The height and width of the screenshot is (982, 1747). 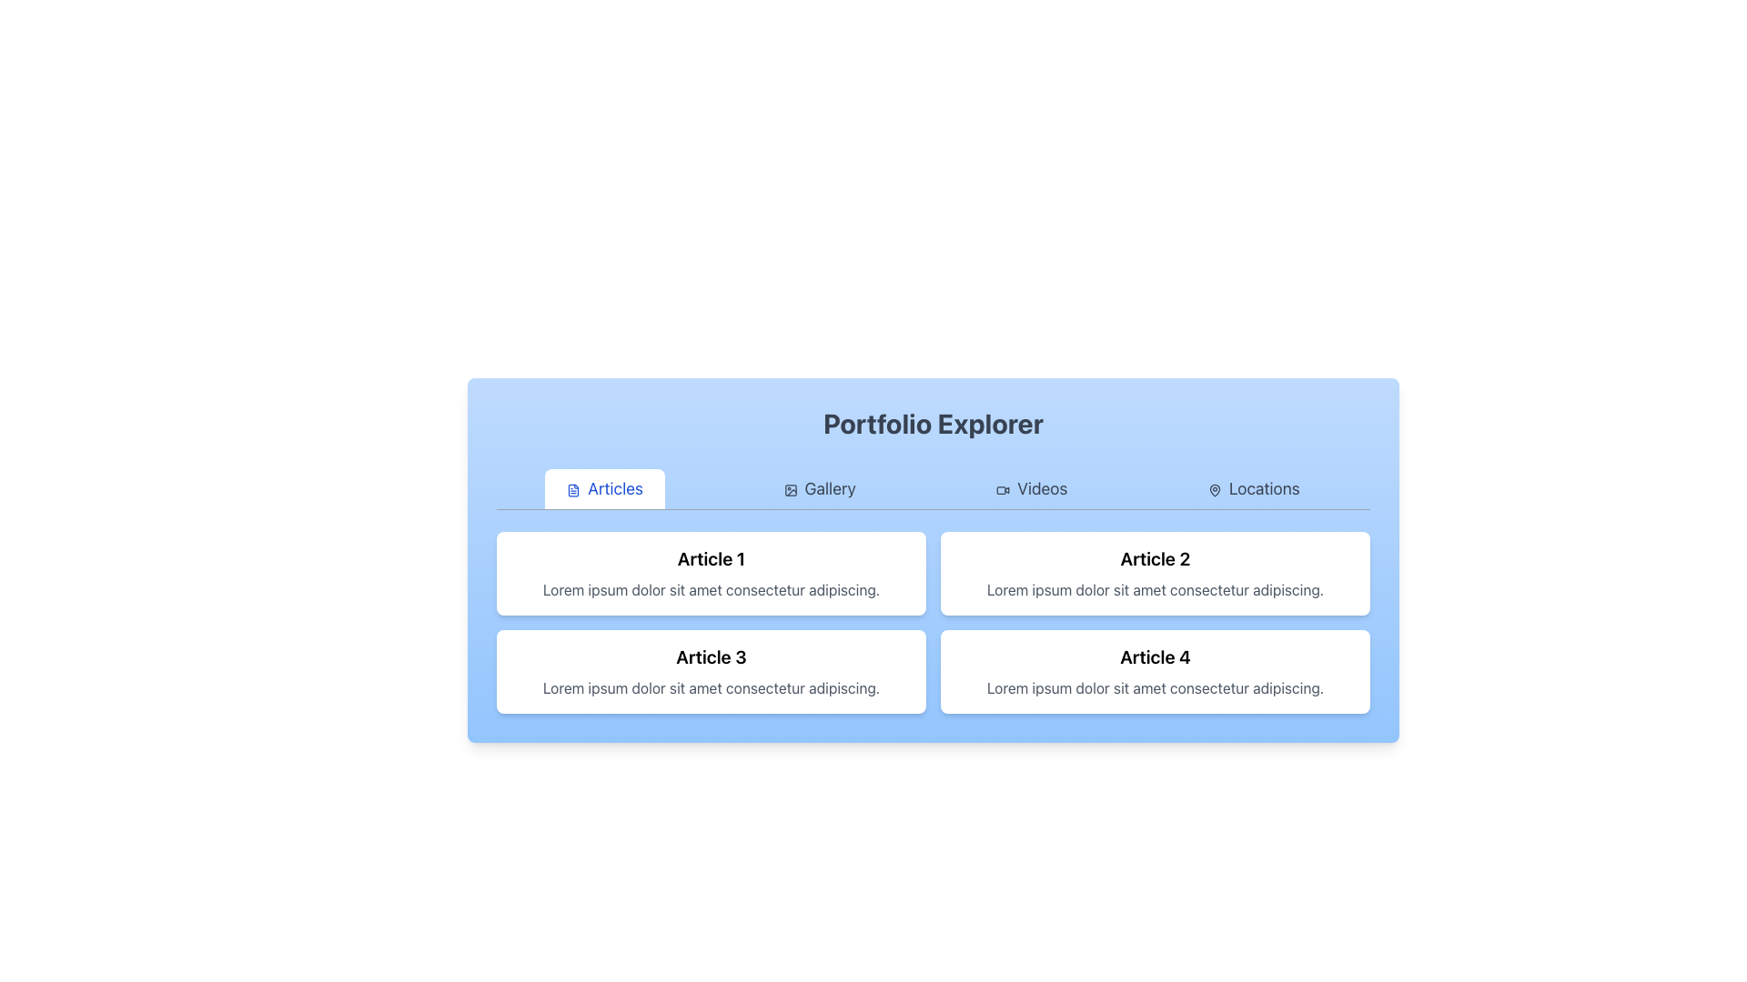 What do you see at coordinates (1215, 489) in the screenshot?
I see `the Icon representing the 'Locations' section within the 'Portfolio Explorer' navigation bar, located to the left of the 'Locations' label` at bounding box center [1215, 489].